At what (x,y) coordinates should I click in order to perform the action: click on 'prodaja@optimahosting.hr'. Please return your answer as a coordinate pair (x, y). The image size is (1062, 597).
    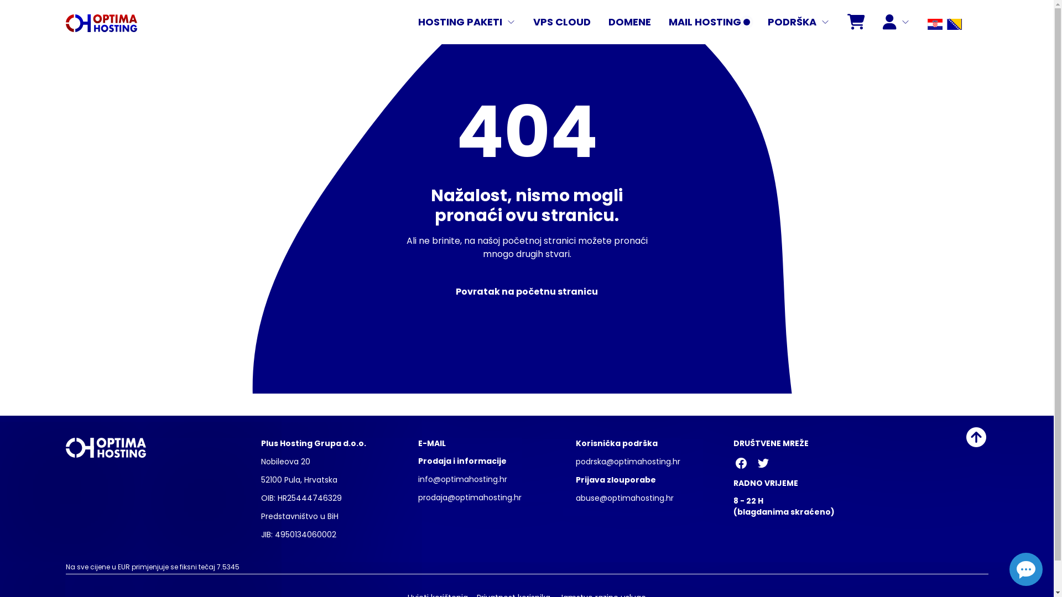
    Looking at the image, I should click on (417, 496).